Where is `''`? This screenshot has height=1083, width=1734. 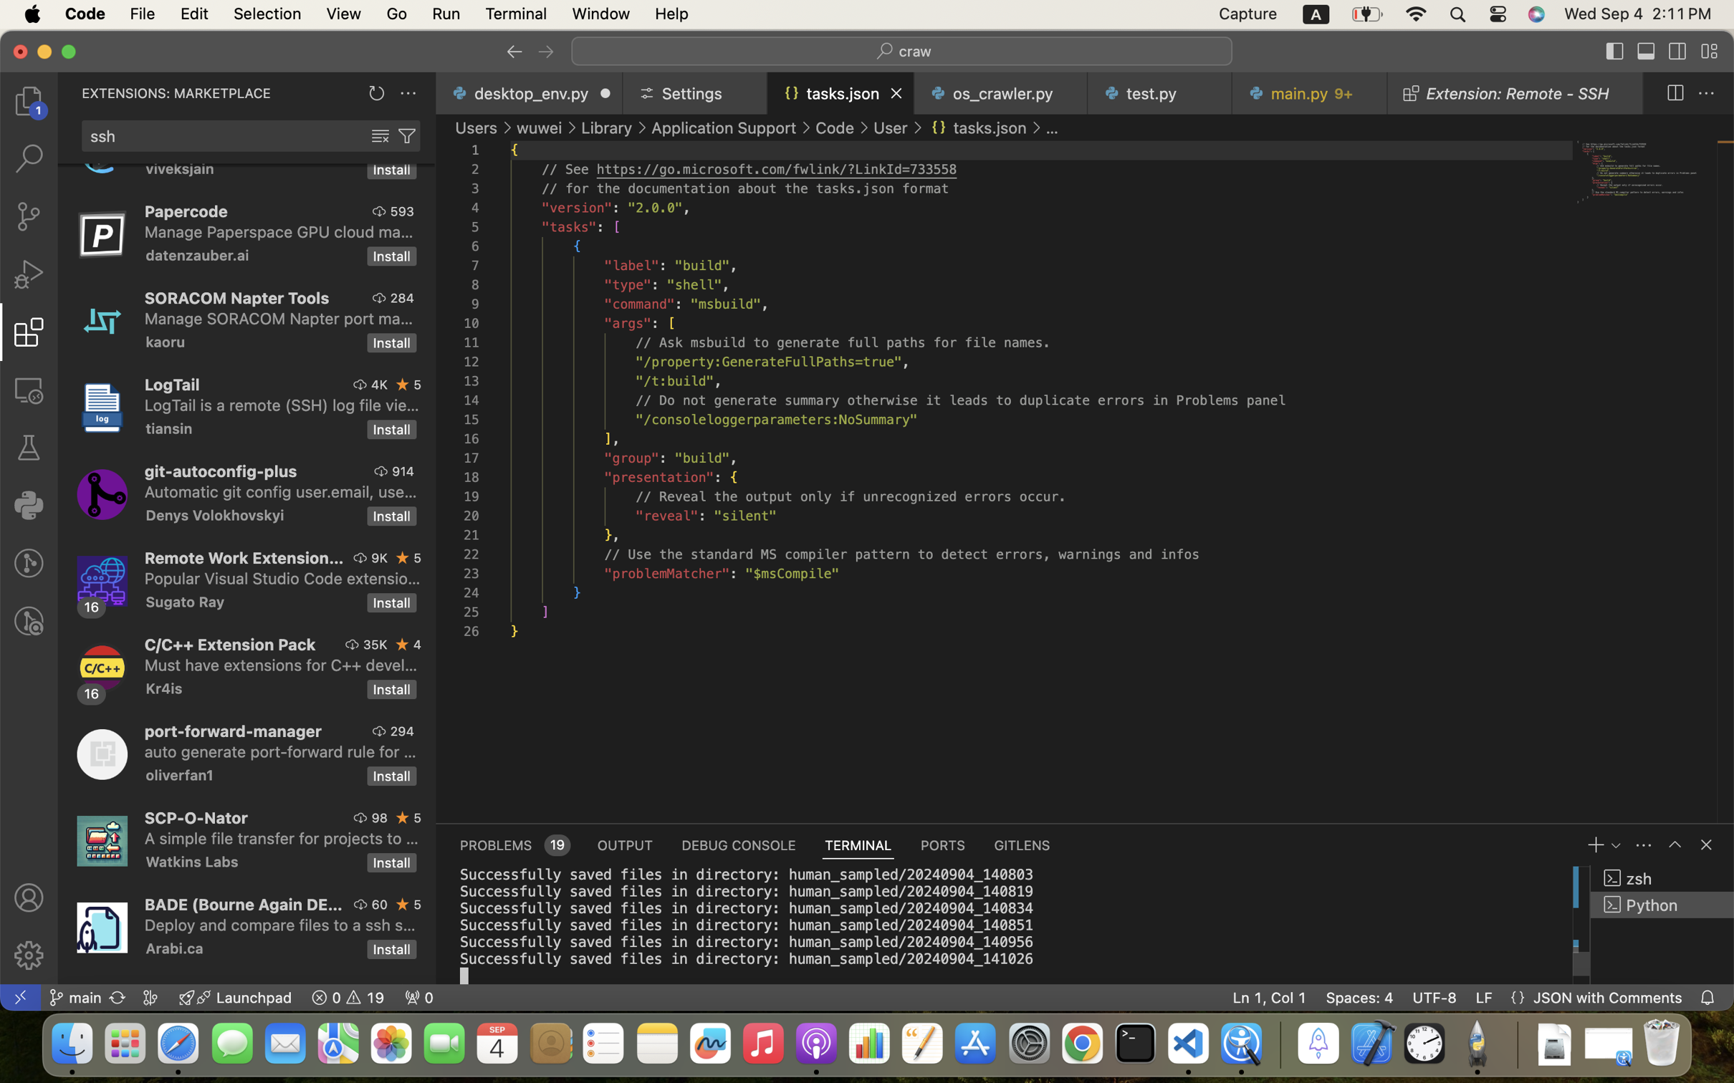 '' is located at coordinates (379, 136).